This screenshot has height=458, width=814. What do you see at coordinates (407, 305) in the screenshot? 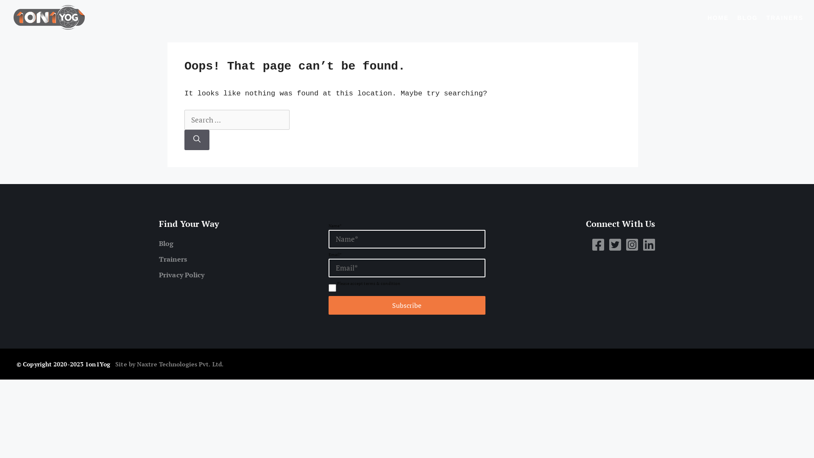
I see `'Subscribe'` at bounding box center [407, 305].